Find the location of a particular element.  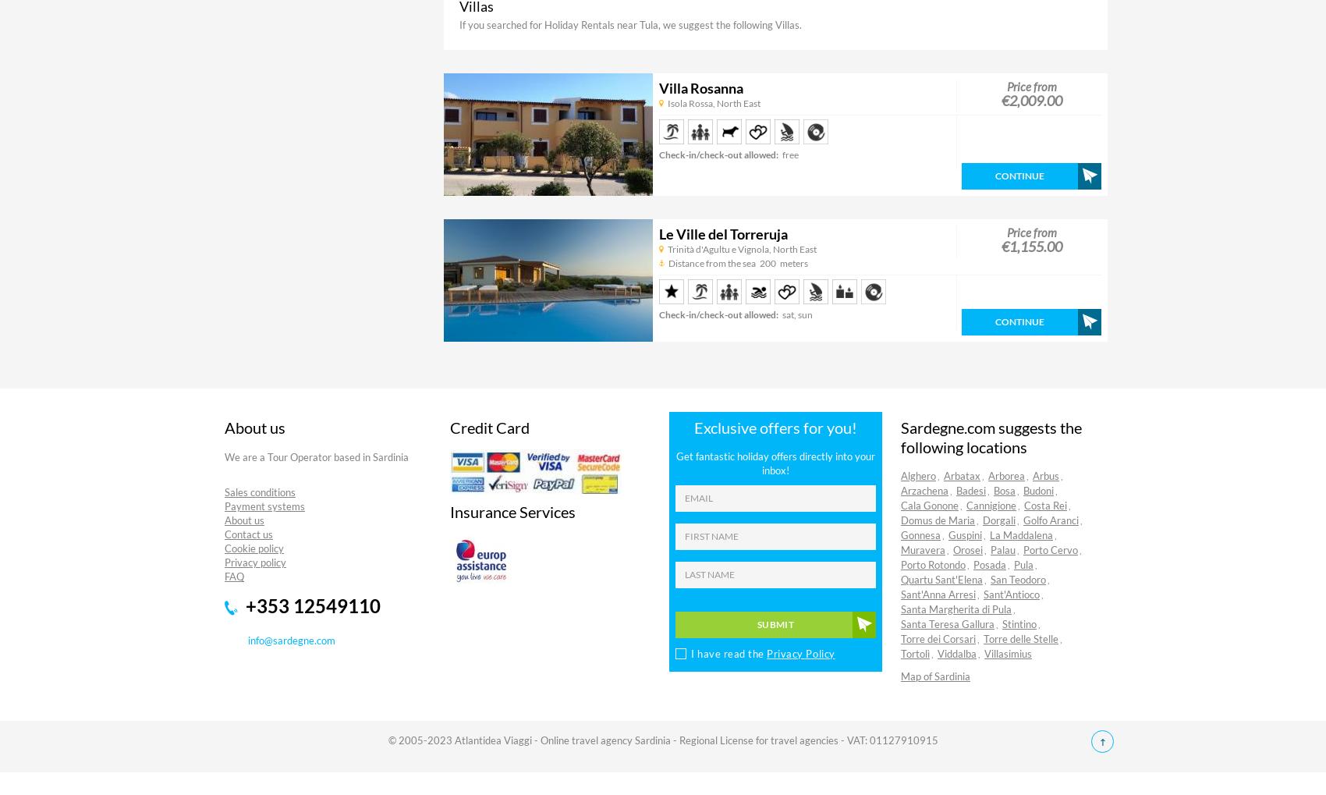

'Map of Sardinia' is located at coordinates (900, 675).